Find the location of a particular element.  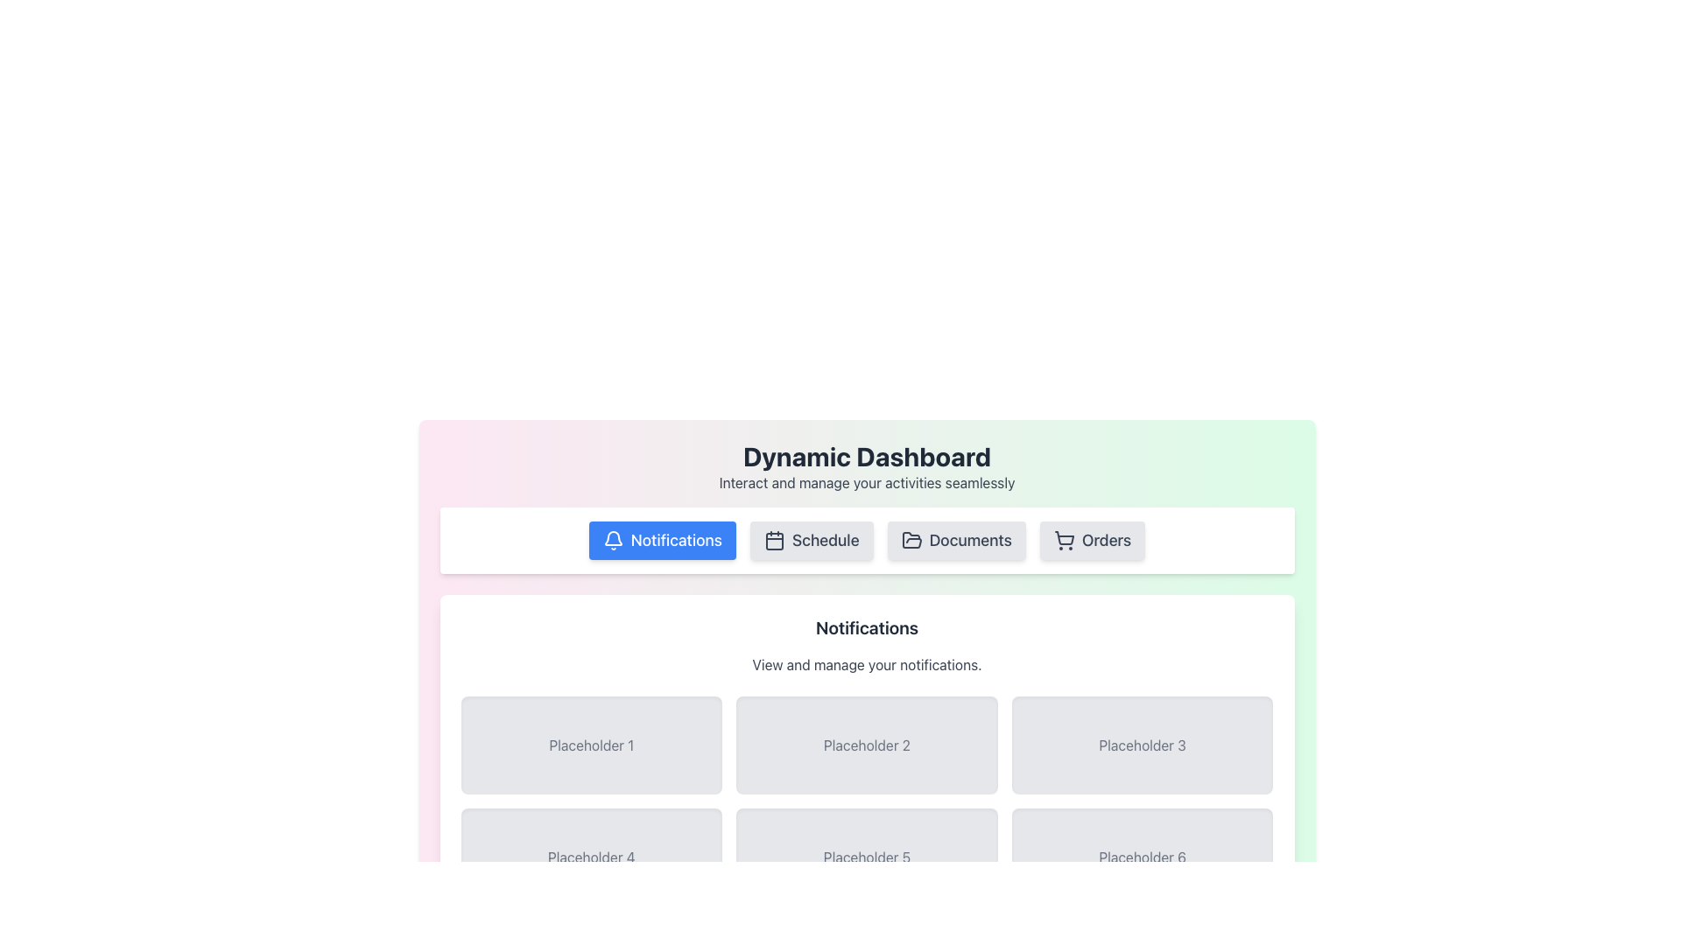

the text label indicating the purpose of the 'Notifications' button in the horizontal menu bar below the 'Dynamic Dashboard' header is located at coordinates (675, 539).